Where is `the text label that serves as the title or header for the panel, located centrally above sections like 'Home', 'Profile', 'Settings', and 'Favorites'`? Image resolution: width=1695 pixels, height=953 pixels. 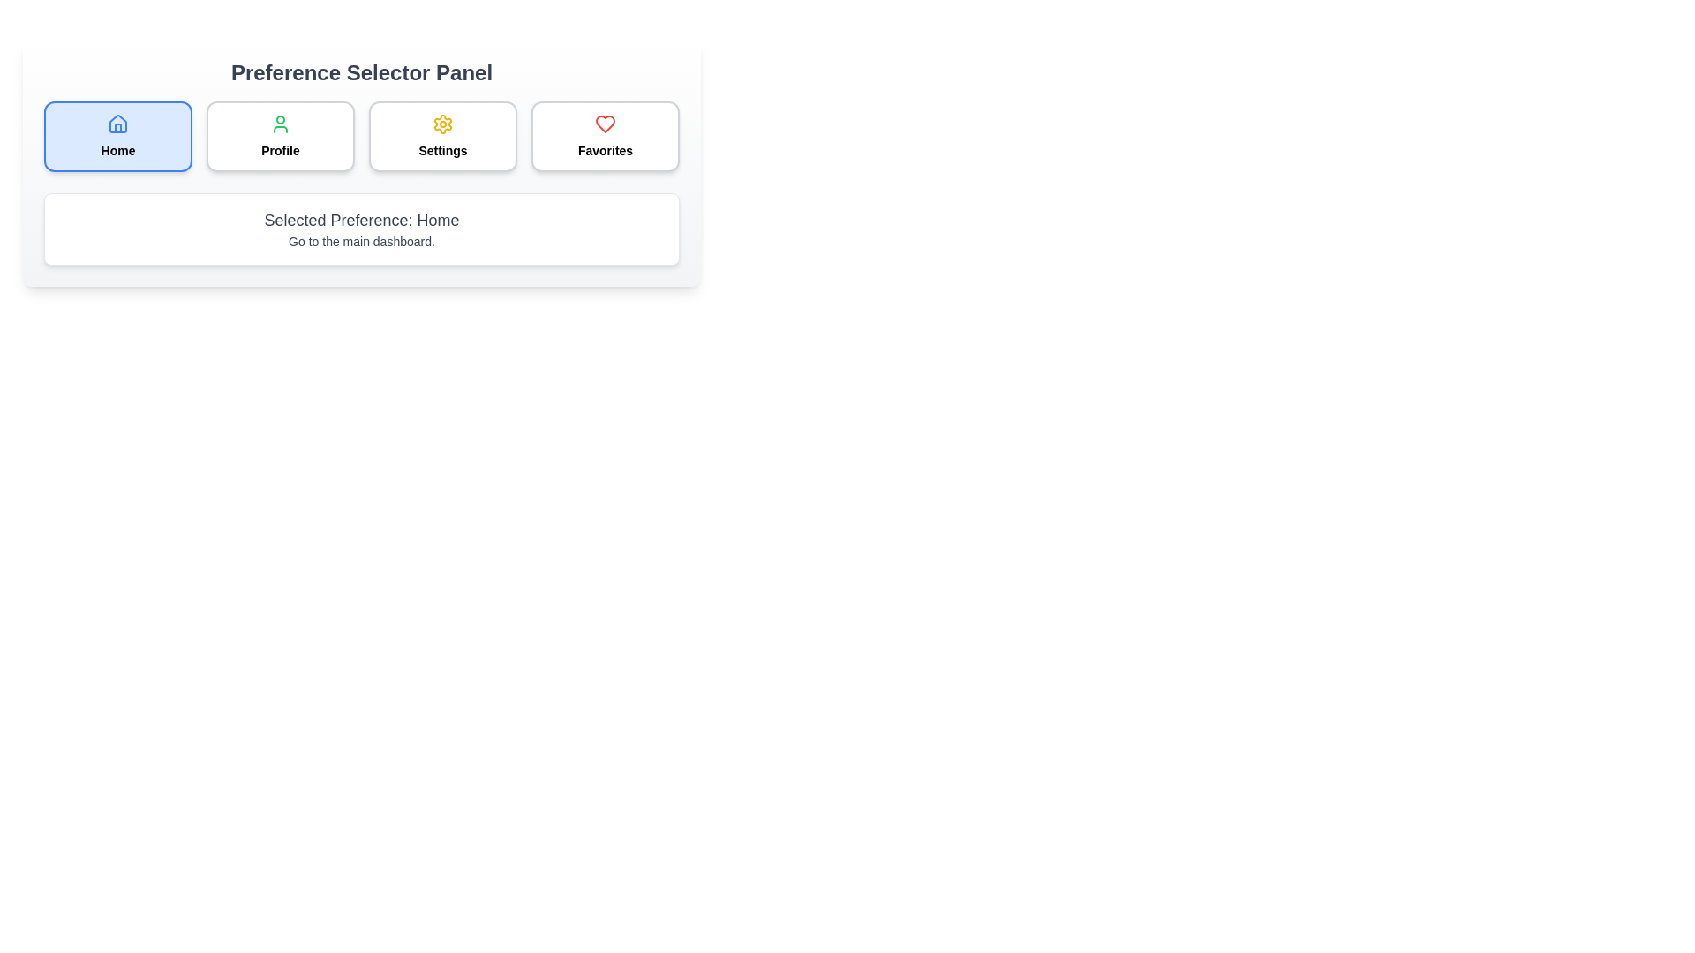 the text label that serves as the title or header for the panel, located centrally above sections like 'Home', 'Profile', 'Settings', and 'Favorites' is located at coordinates (360, 72).